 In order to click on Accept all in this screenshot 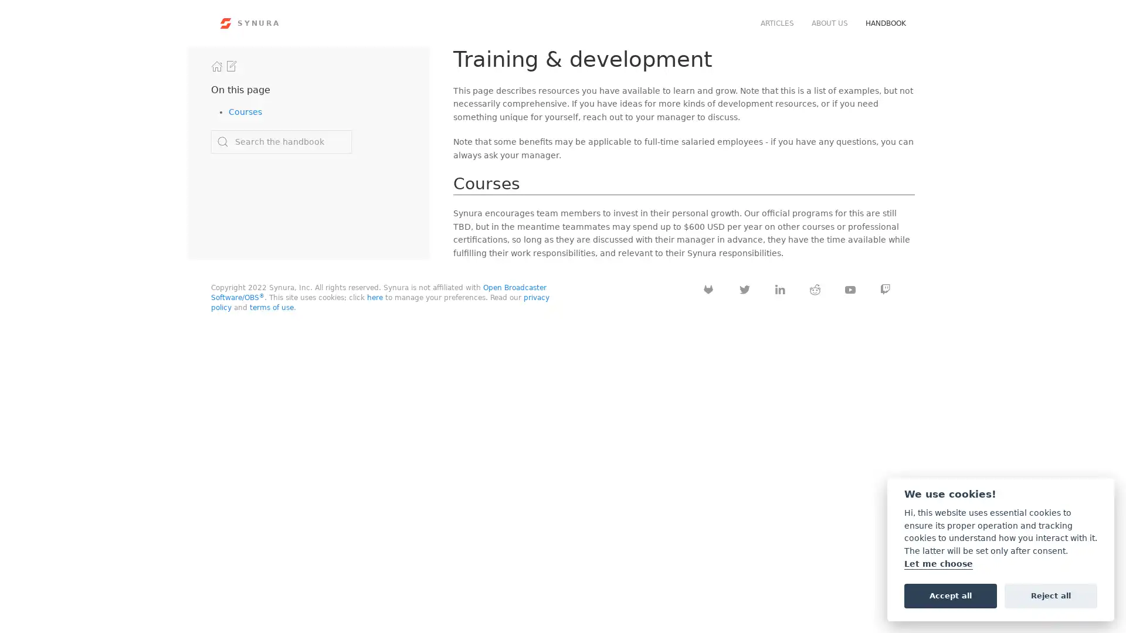, I will do `click(950, 595)`.